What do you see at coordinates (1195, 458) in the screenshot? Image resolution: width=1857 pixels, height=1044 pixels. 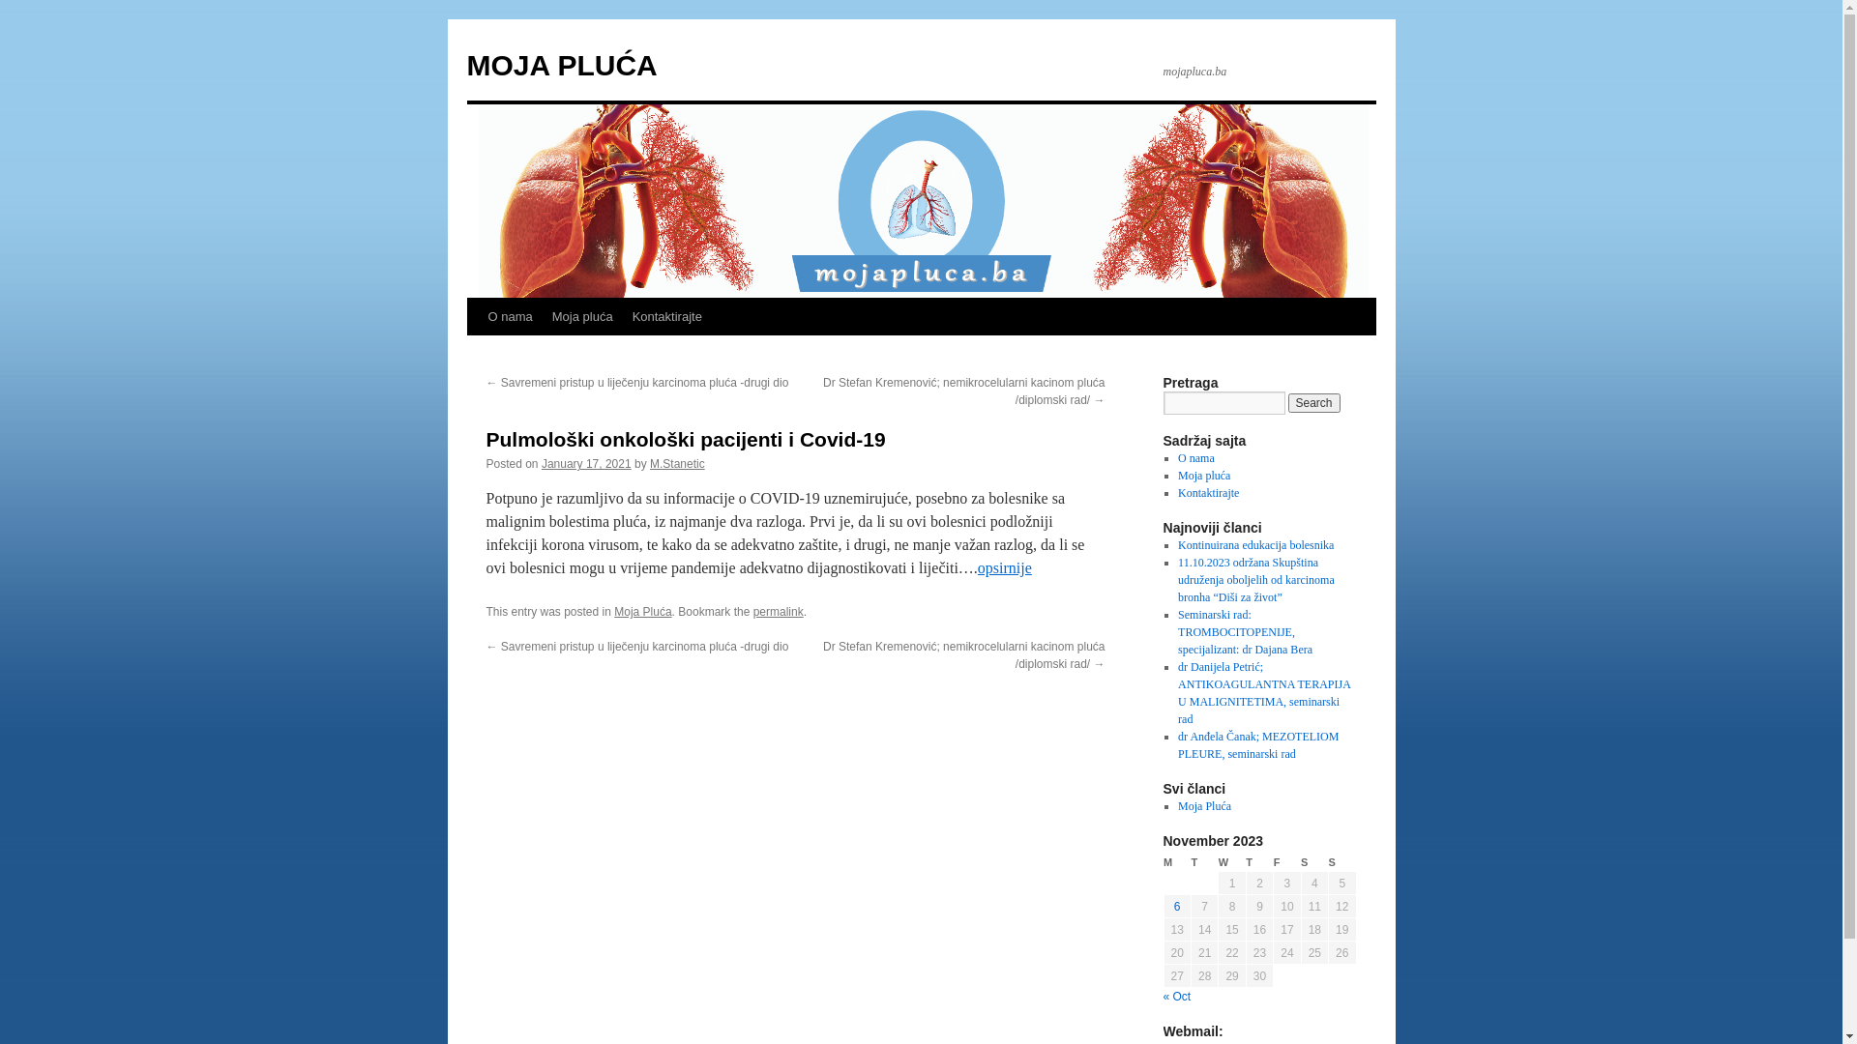 I see `'O nama'` at bounding box center [1195, 458].